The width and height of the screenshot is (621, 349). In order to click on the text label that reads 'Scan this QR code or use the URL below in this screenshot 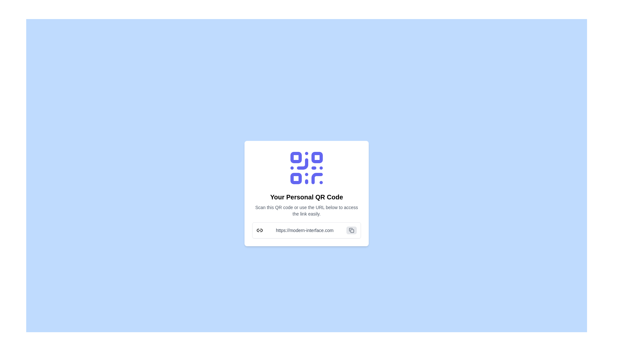, I will do `click(306, 210)`.